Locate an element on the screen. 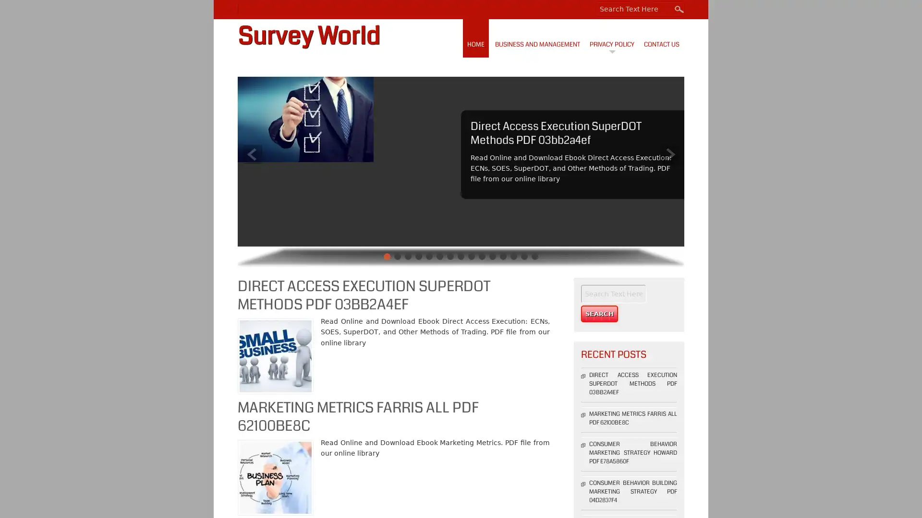  Search is located at coordinates (599, 314).